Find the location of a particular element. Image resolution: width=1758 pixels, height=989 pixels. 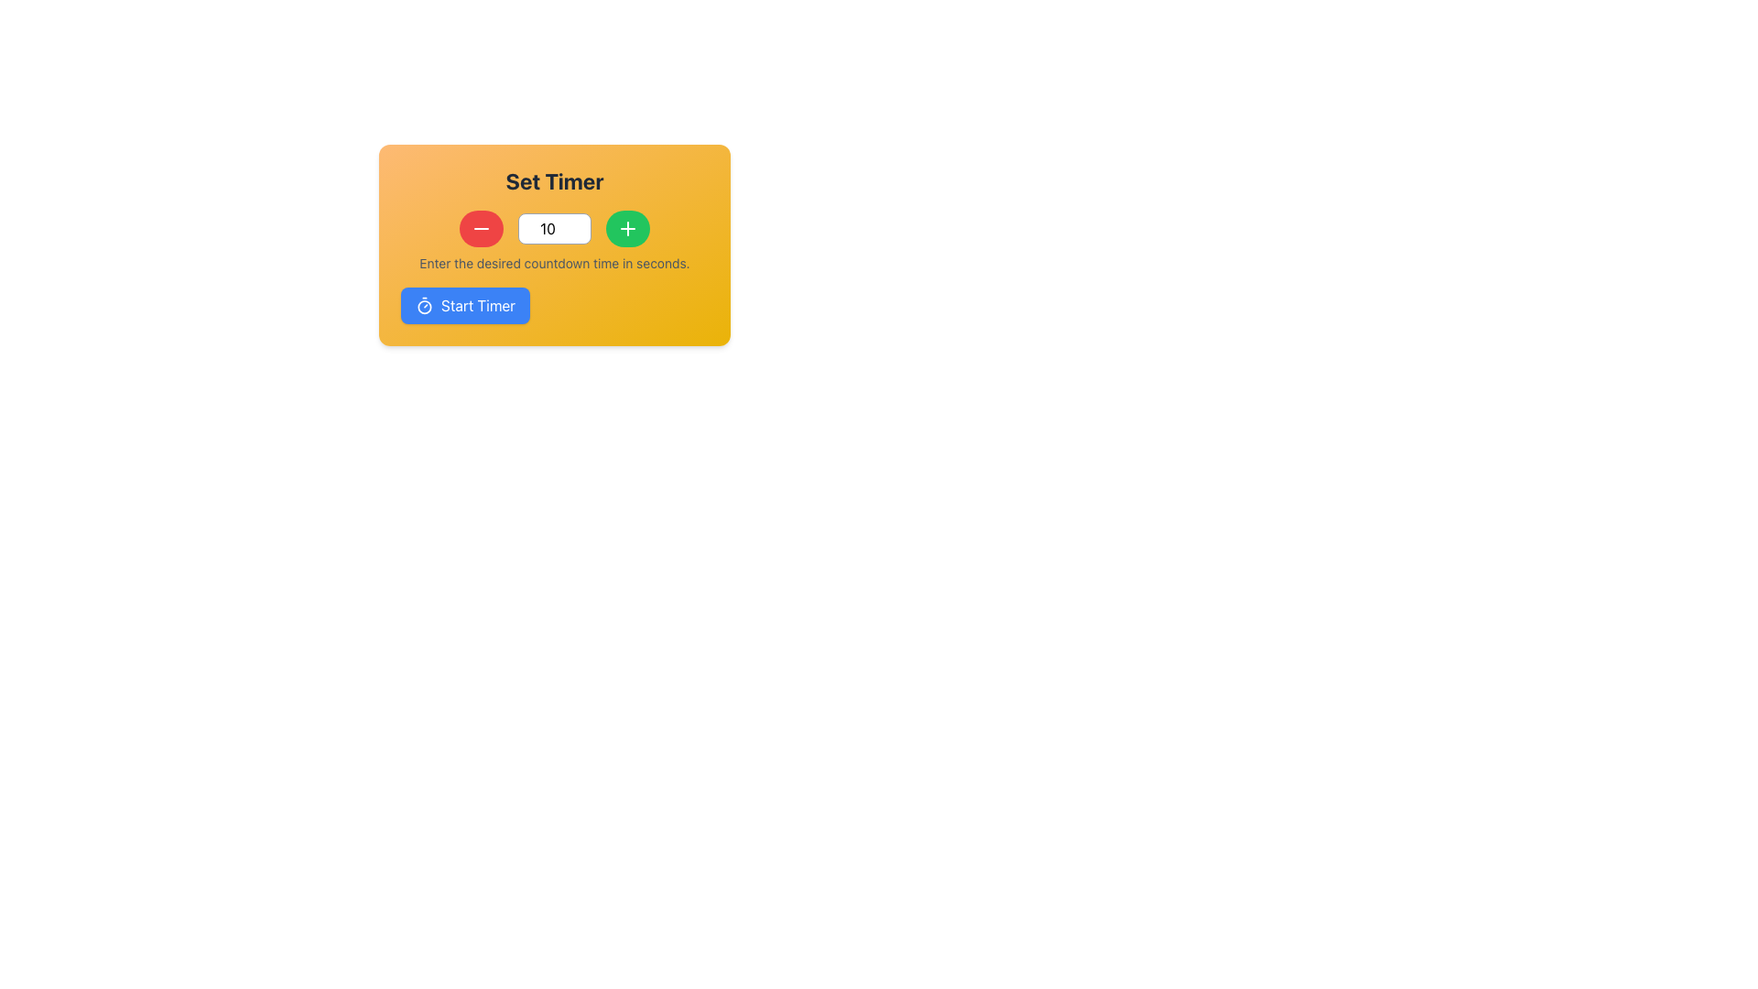

the rectangular blue button labeled 'Start Timer' with a timer icon on the left is located at coordinates (465, 305).